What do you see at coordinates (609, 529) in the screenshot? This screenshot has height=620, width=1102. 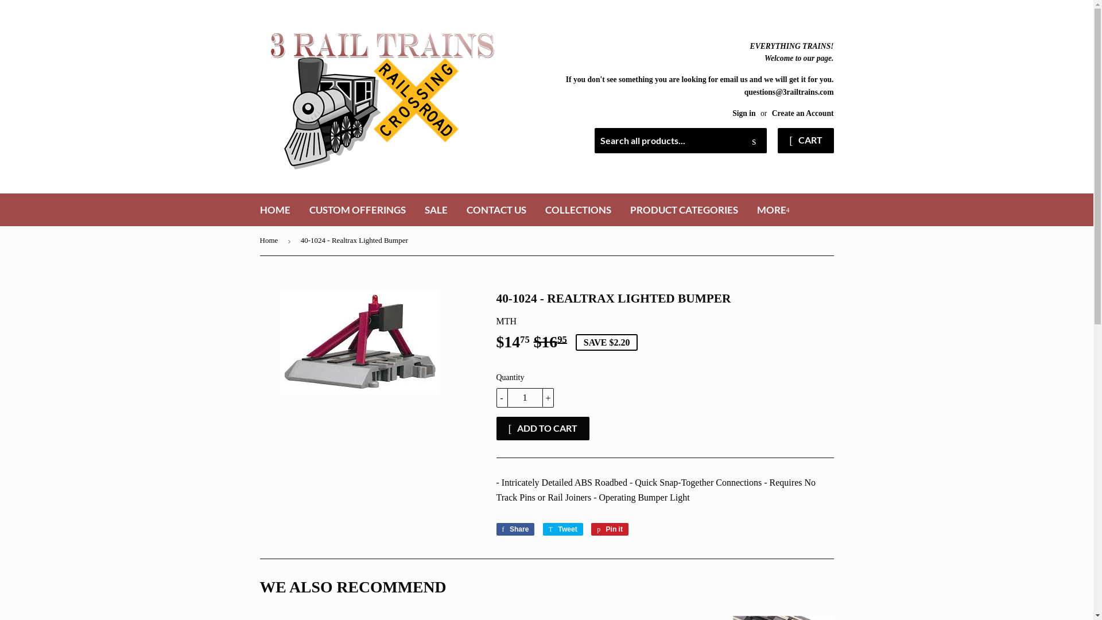 I see `'Pin it` at bounding box center [609, 529].